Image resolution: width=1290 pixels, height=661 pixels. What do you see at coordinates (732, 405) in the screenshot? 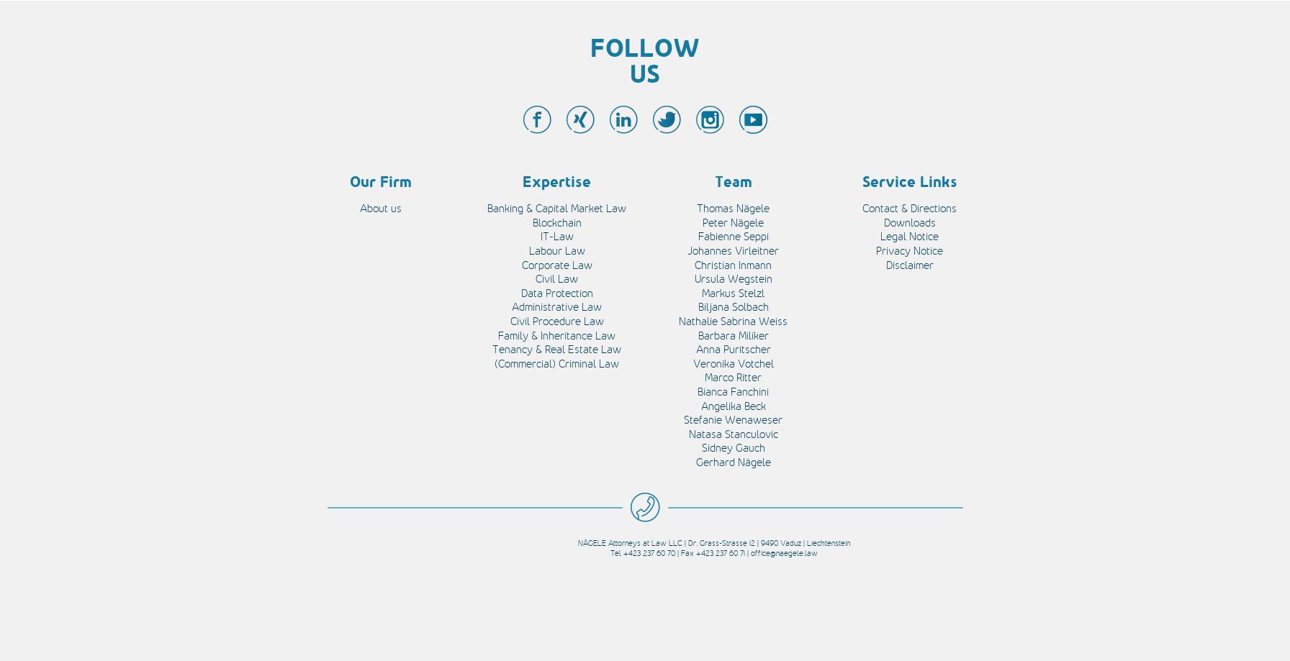
I see `'Angelika Beck'` at bounding box center [732, 405].